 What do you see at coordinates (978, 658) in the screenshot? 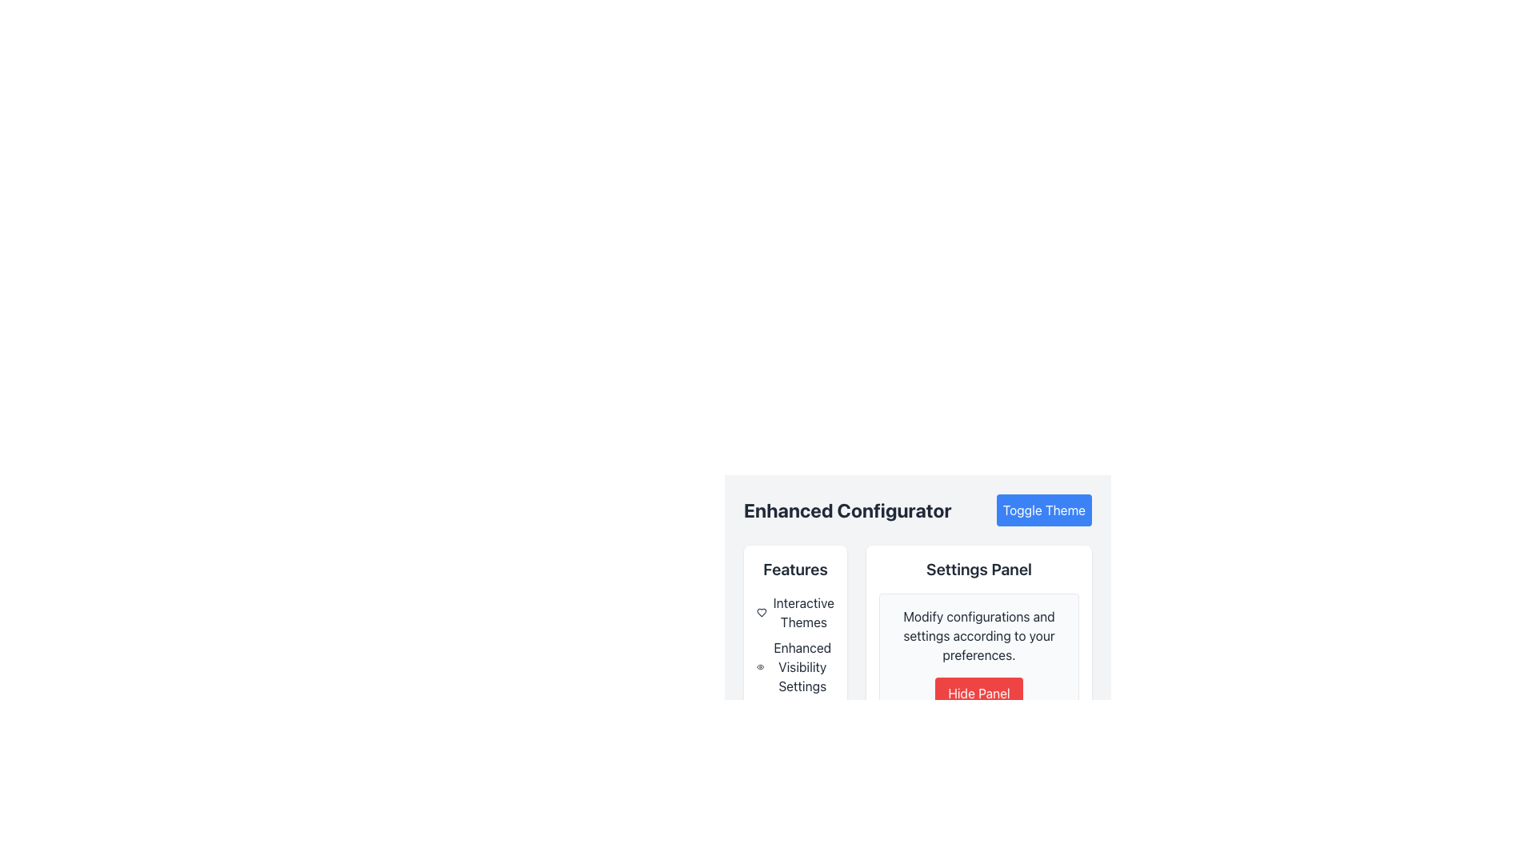
I see `descriptive text within the Settings Panel group, which contains information about configuration settings and a button to hide the panel` at bounding box center [978, 658].